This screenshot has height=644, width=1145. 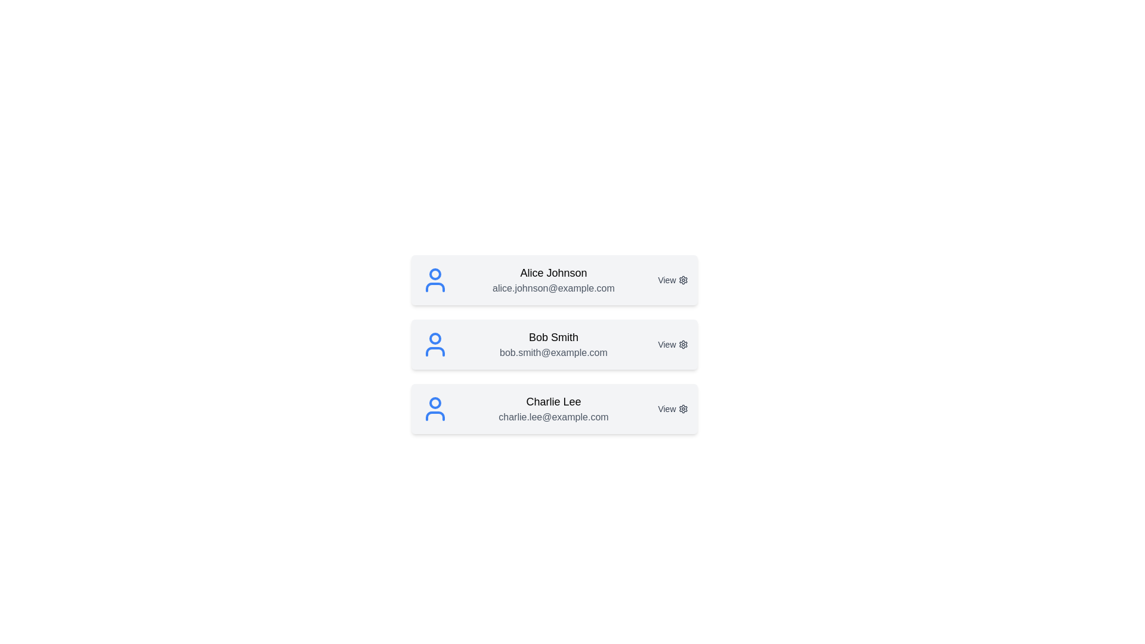 I want to click on the decorative graphical element located at the upper left of the first row in the list, which is superimposed on the user's icon, so click(x=434, y=274).